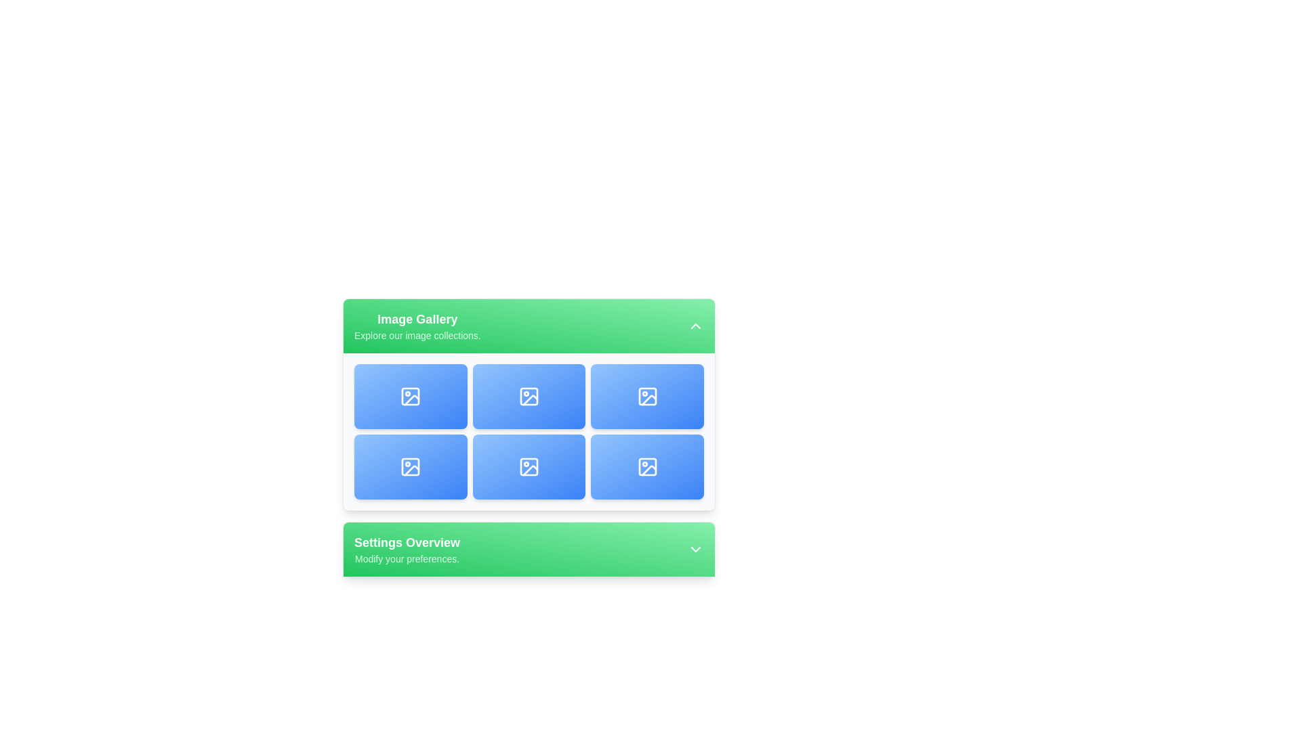 The image size is (1301, 731). I want to click on the small, rounded rectangle located in the top-left corner of the image icon within the 'Image Gallery' section, so click(646, 396).